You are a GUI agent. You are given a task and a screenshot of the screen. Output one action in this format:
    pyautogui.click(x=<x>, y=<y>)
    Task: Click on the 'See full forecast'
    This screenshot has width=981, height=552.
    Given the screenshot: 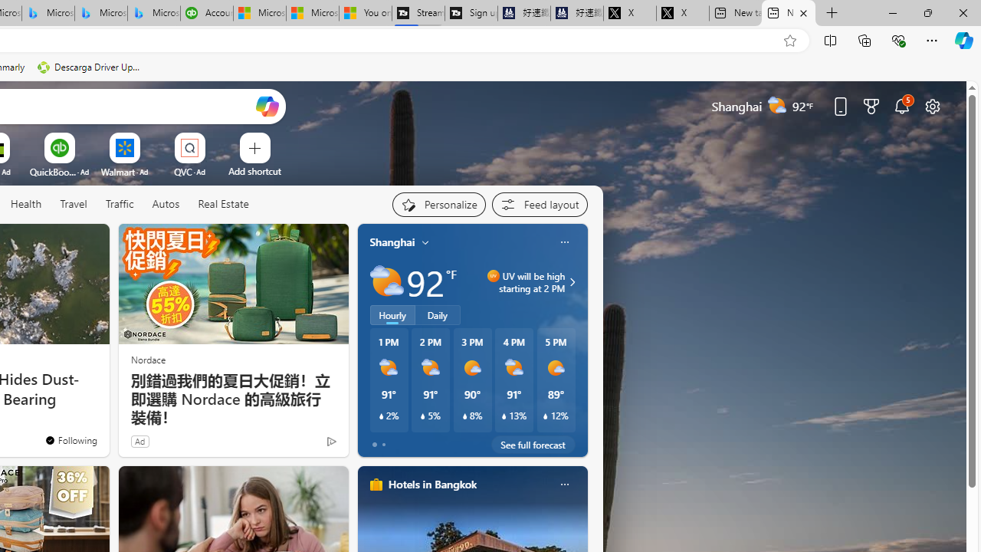 What is the action you would take?
    pyautogui.click(x=533, y=444)
    